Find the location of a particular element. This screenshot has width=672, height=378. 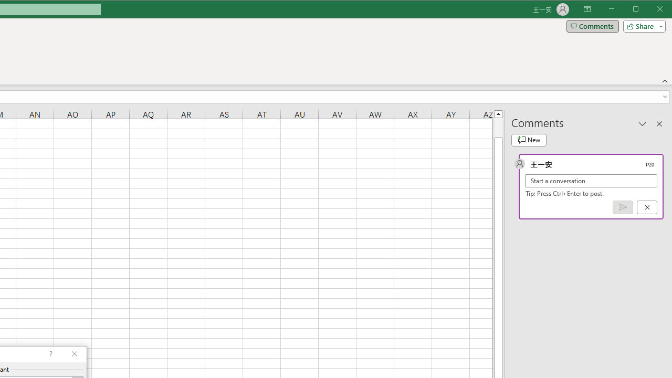

'Share' is located at coordinates (642, 26).